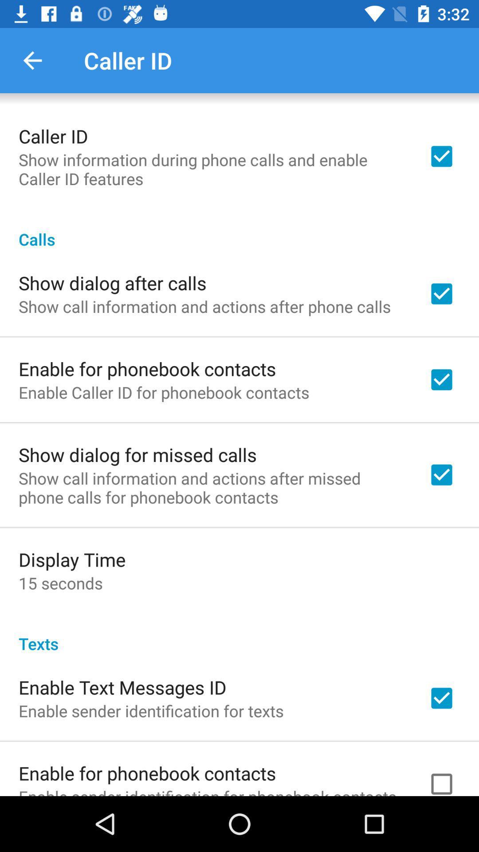 The image size is (479, 852). Describe the element at coordinates (60, 583) in the screenshot. I see `15 seconds item` at that location.